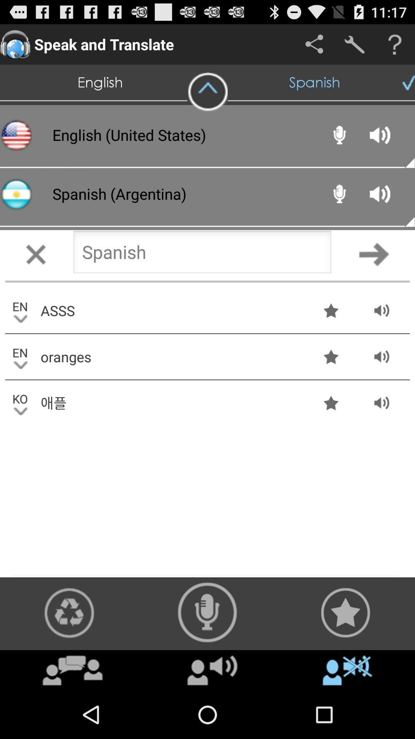 The width and height of the screenshot is (415, 739). Describe the element at coordinates (395, 44) in the screenshot. I see `help button` at that location.